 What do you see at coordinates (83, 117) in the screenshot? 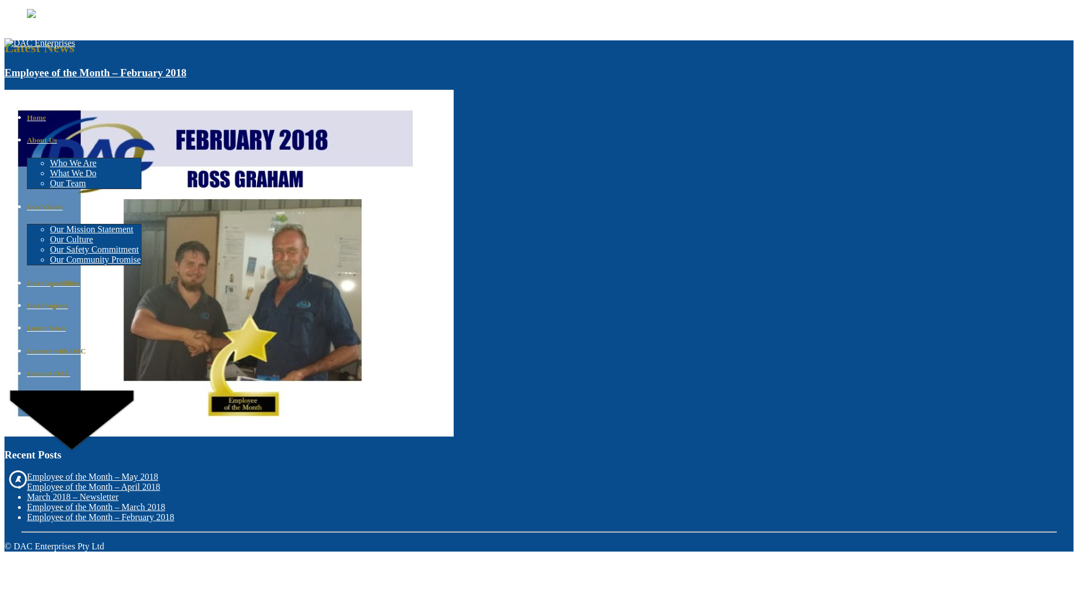
I see `'Home'` at bounding box center [83, 117].